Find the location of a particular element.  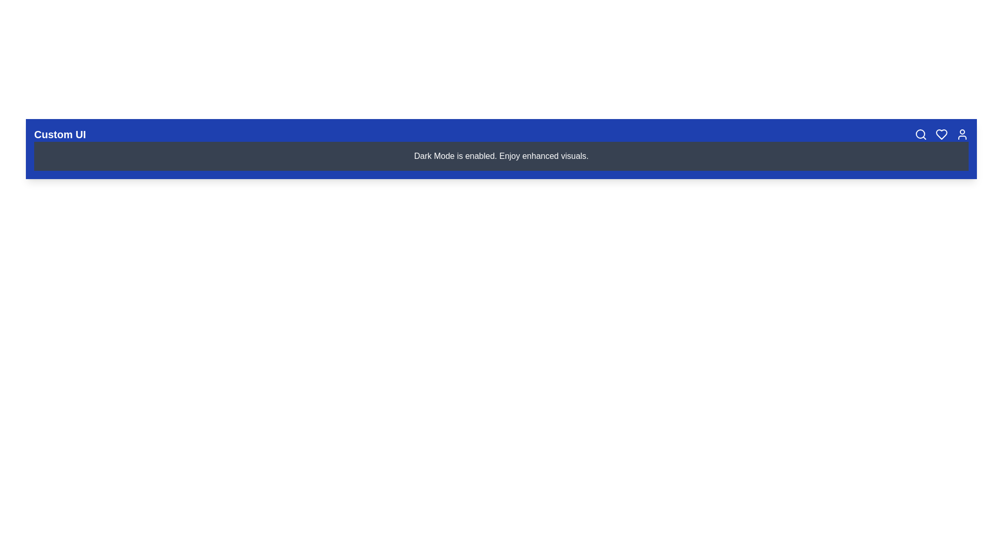

the heart icon to indicate a favorite or like action is located at coordinates (942, 134).